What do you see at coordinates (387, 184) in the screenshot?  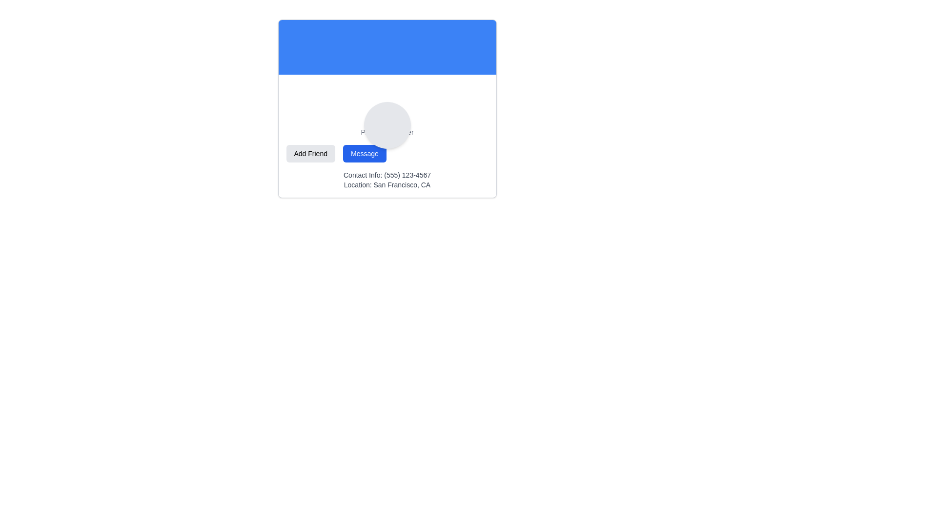 I see `the non-interactive Text label that provides location information associated with the displayed profile, located in the lower part of the card-like section` at bounding box center [387, 184].